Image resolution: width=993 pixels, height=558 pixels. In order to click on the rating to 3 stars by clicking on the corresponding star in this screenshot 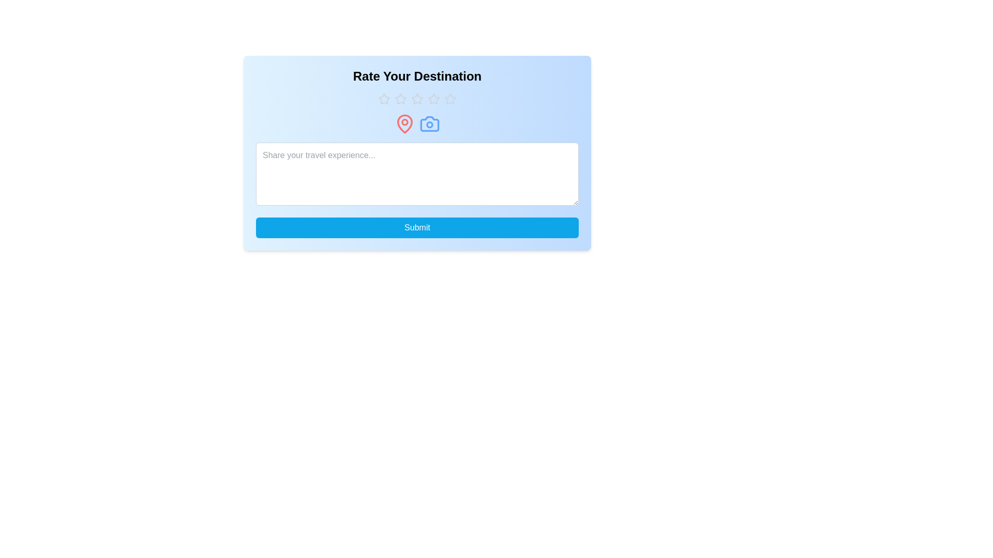, I will do `click(417, 99)`.